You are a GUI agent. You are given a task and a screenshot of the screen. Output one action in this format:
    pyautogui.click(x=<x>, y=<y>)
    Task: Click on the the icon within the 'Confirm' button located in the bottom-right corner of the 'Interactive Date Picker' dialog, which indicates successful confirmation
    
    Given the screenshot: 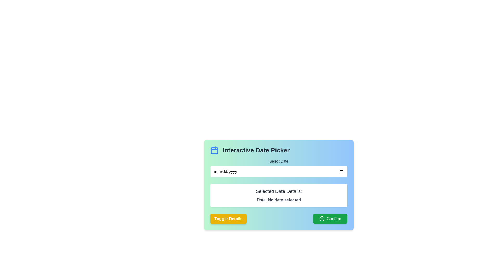 What is the action you would take?
    pyautogui.click(x=321, y=219)
    